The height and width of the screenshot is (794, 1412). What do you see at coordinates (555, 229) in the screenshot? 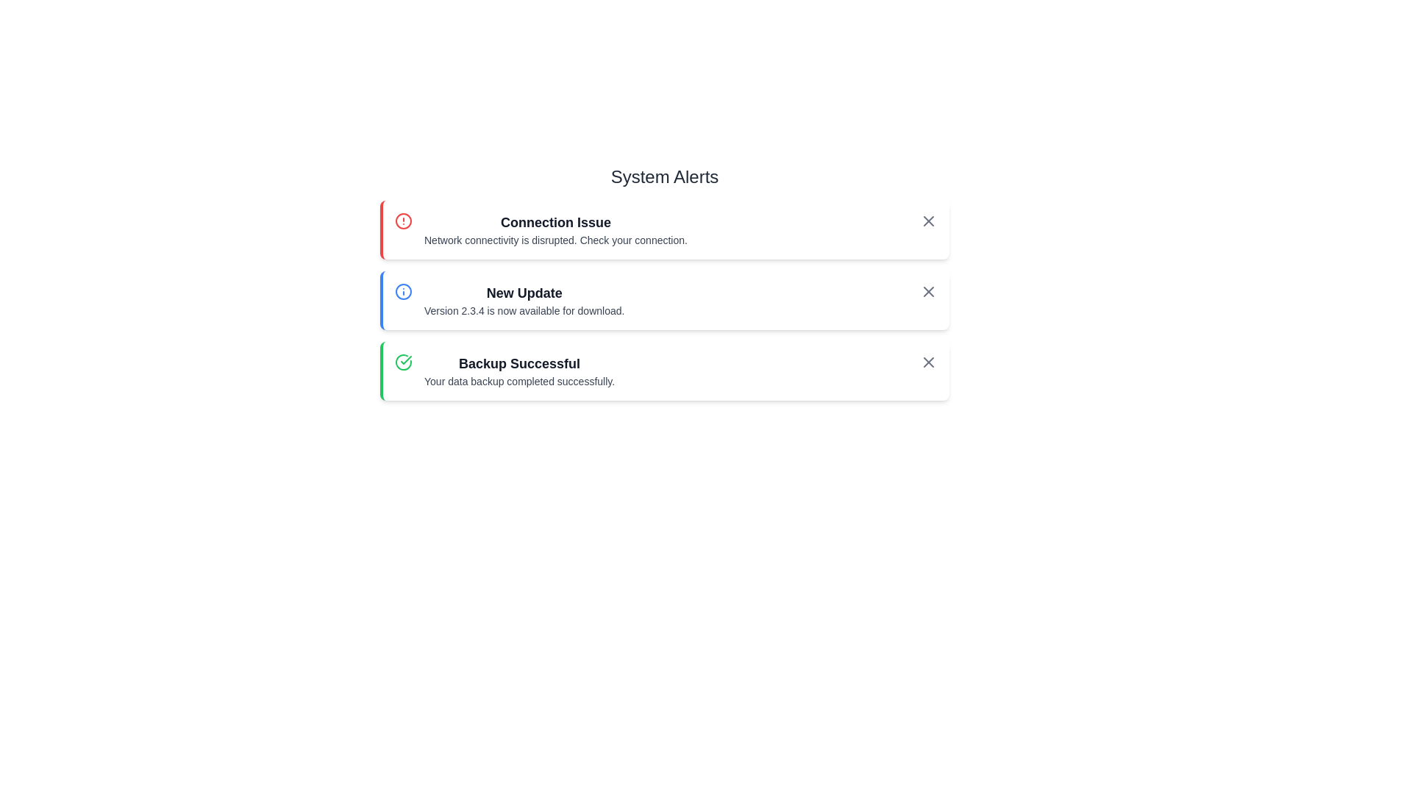
I see `the Notification description section that displays an alert message about a connectivity issue, located centrally under the title 'Connection Issue' in the 'System Alerts' section` at bounding box center [555, 229].